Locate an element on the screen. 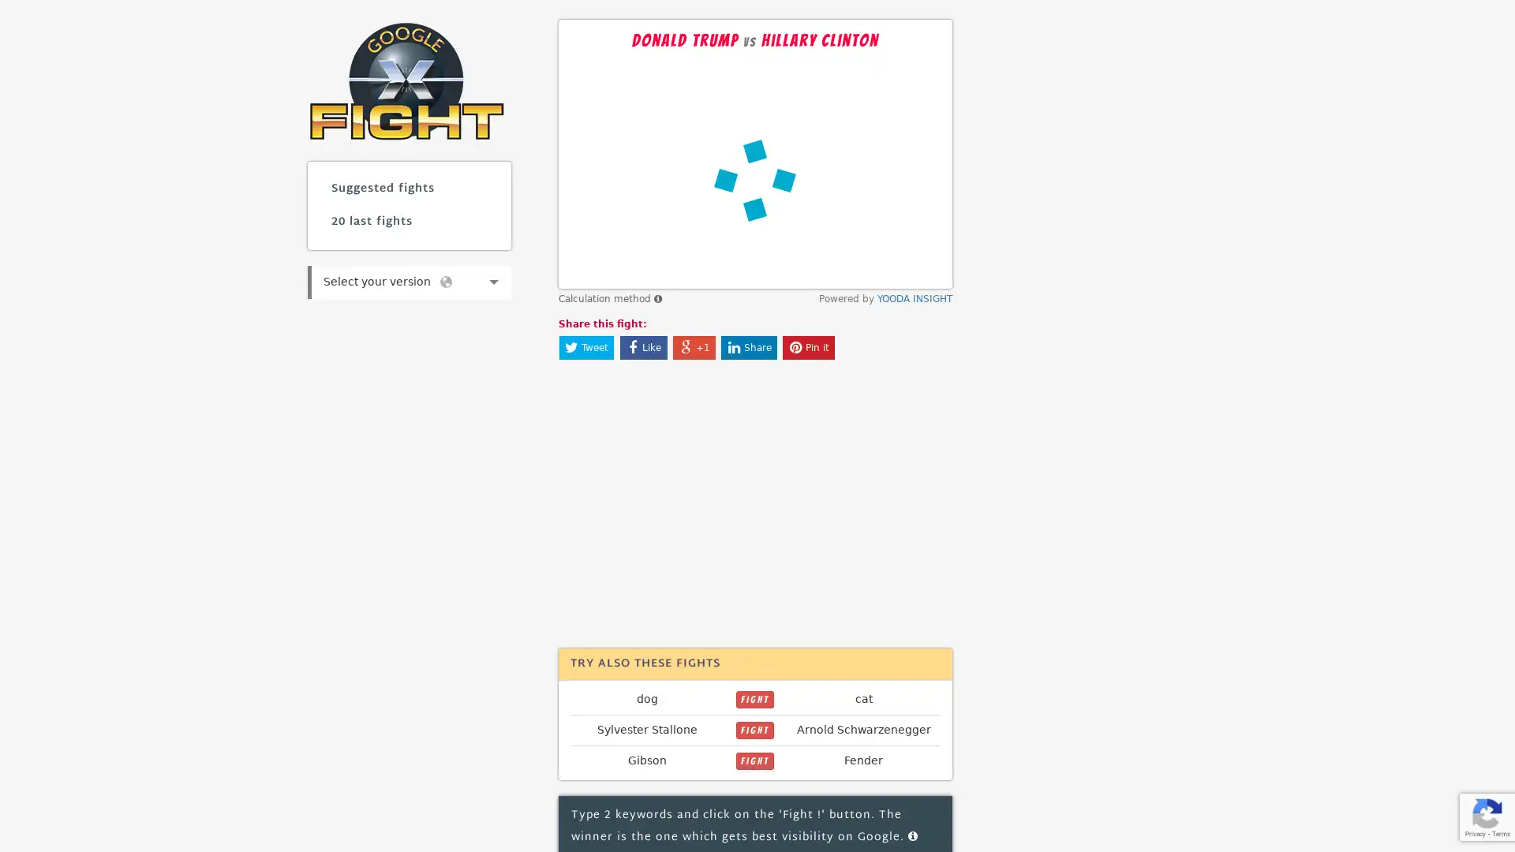 This screenshot has width=1515, height=852. FIGHT is located at coordinates (754, 730).